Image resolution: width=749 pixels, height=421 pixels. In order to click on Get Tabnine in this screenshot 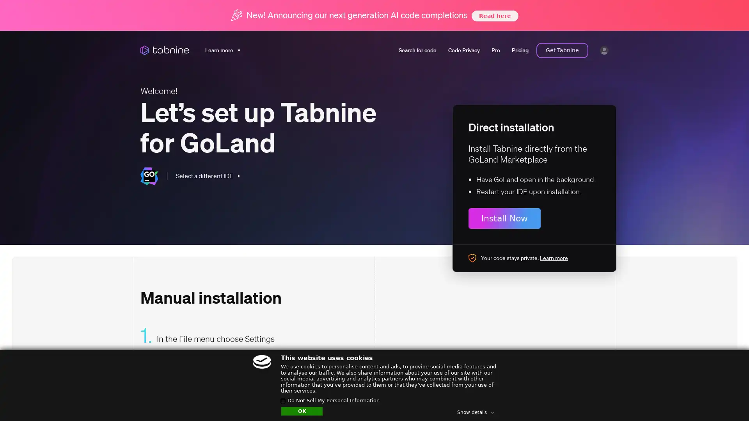, I will do `click(562, 50)`.